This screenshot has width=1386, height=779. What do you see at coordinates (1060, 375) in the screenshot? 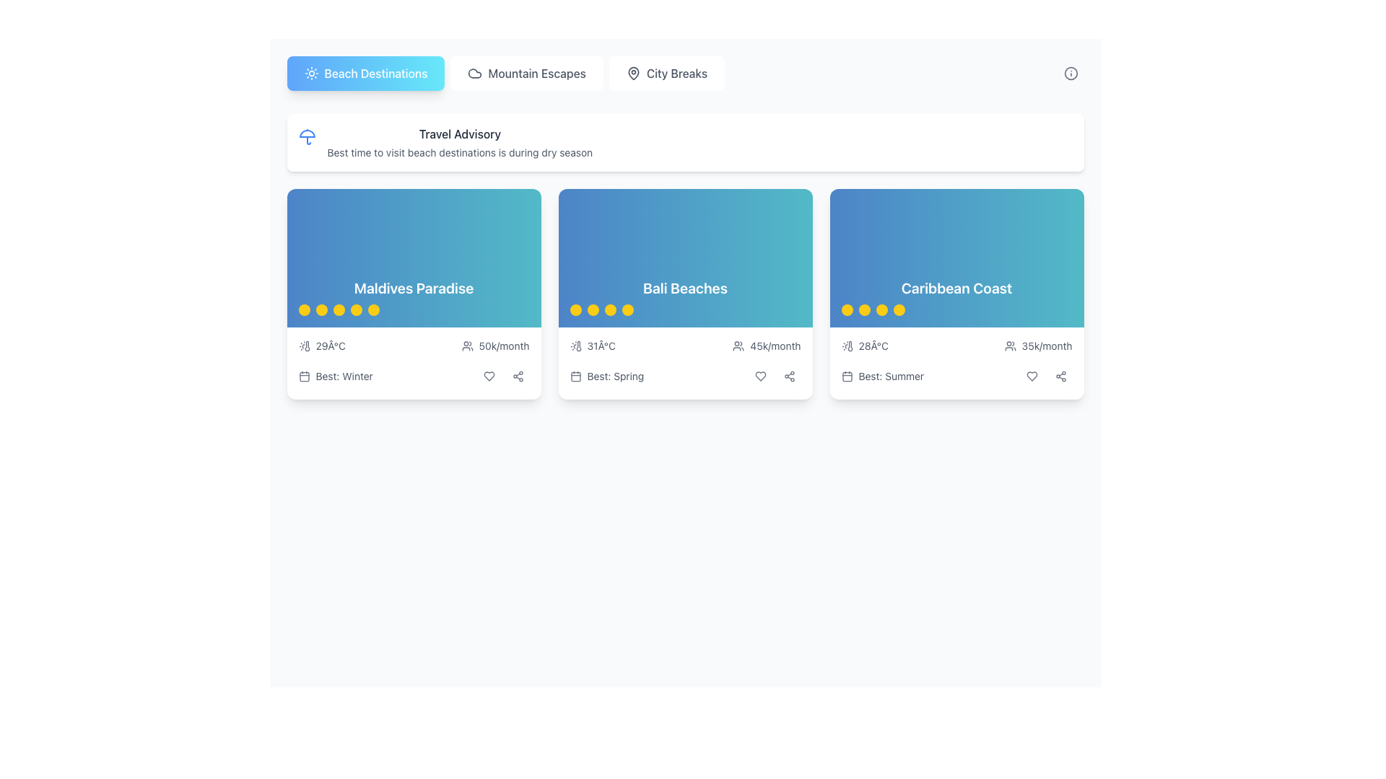
I see `the share icon button located at the bottom-right corner of the 'Caribbean Coast' card` at bounding box center [1060, 375].